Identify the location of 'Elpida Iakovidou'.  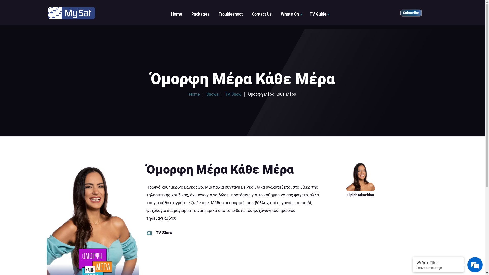
(360, 179).